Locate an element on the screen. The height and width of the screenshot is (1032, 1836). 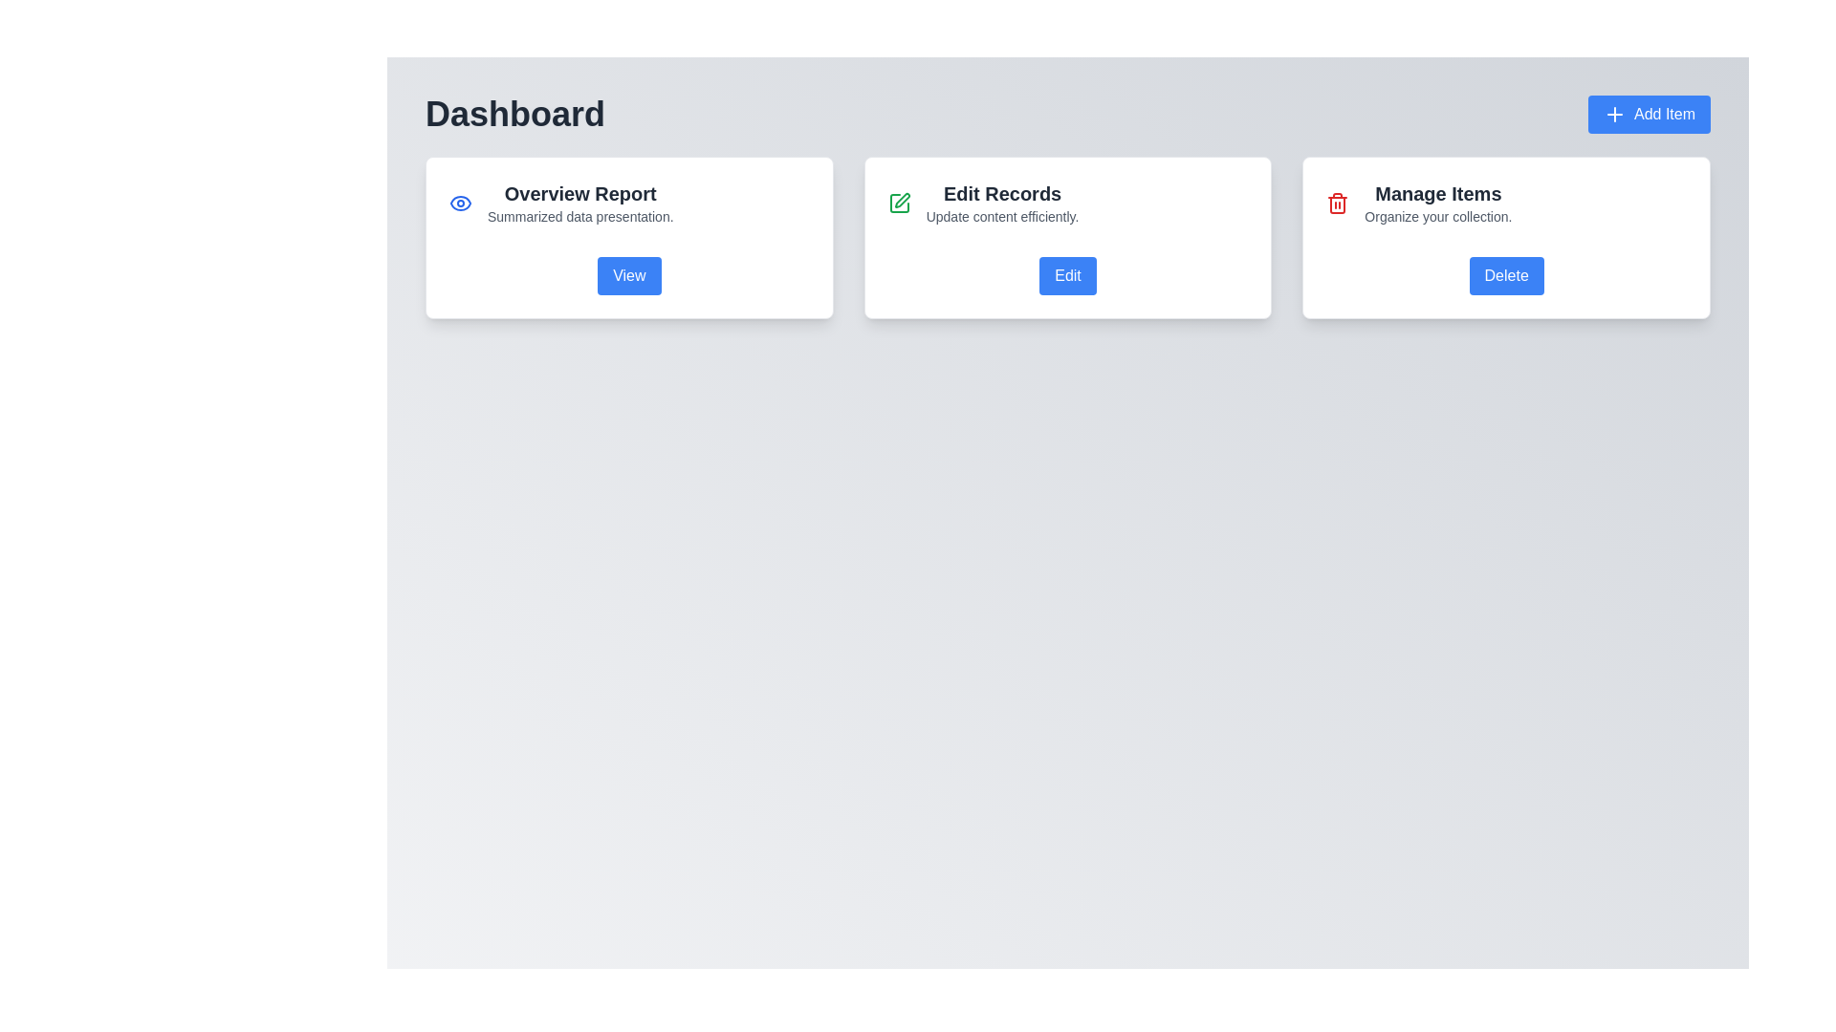
the red trash icon located to the left of the 'Manage Items' header within the third card of a horizontal list is located at coordinates (1337, 203).